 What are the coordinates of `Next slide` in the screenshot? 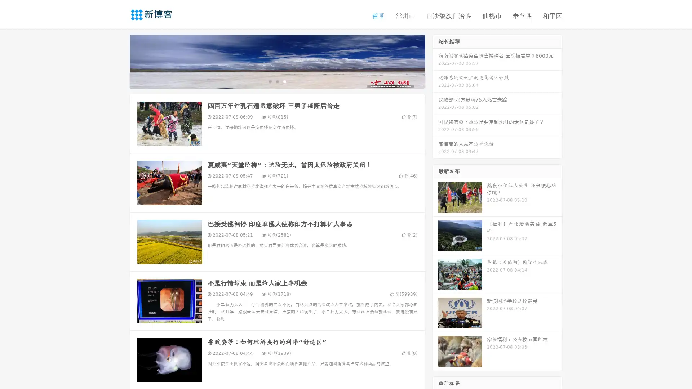 It's located at (435, 61).